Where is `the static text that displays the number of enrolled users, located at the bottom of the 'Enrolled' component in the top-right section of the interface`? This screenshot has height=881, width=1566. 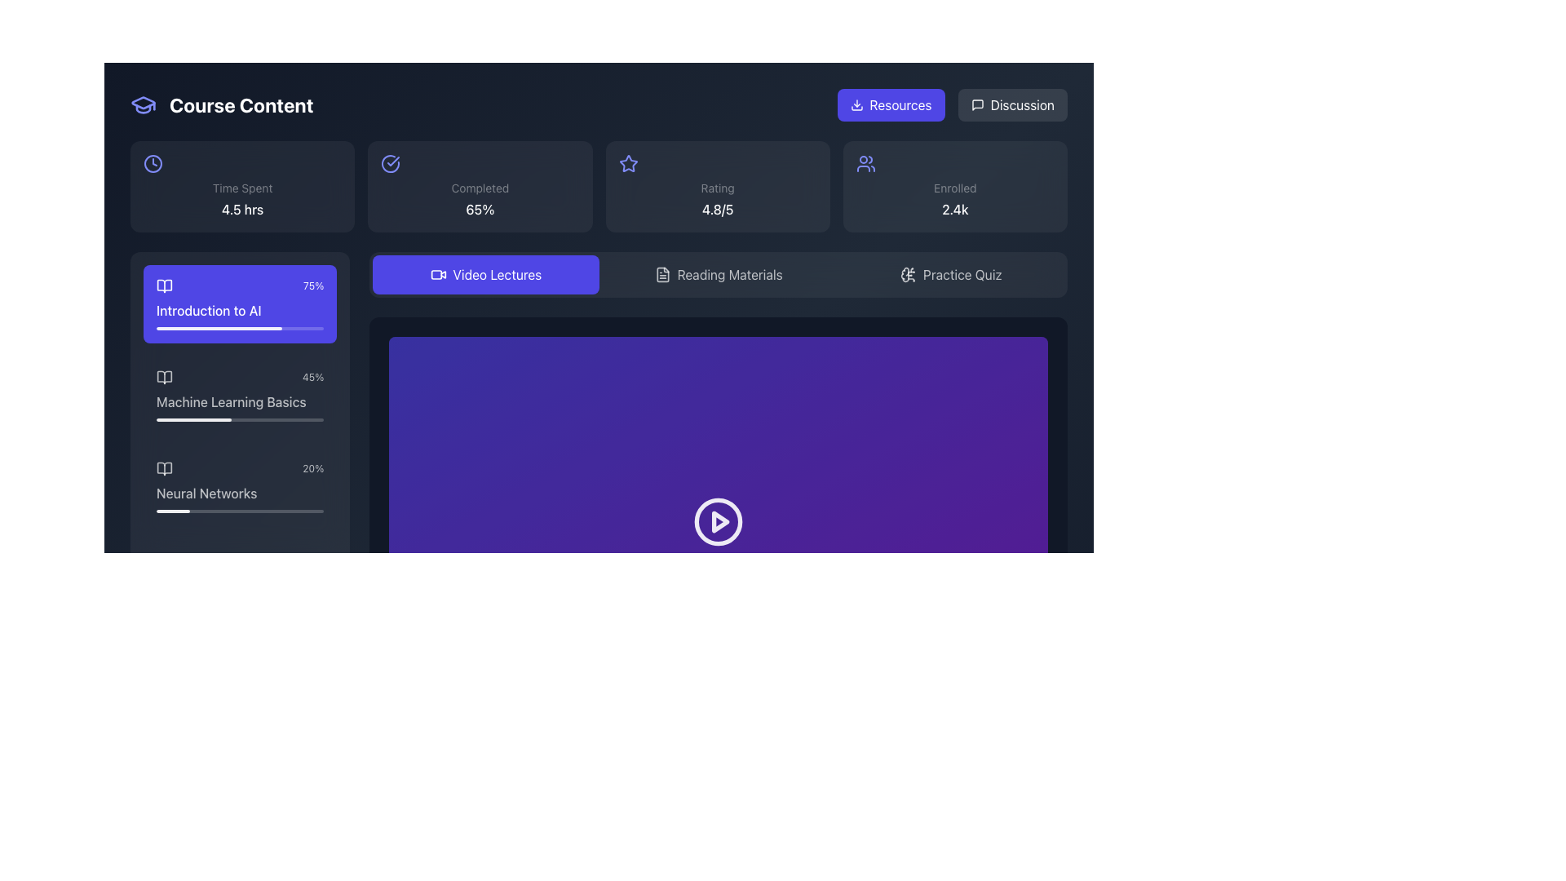
the static text that displays the number of enrolled users, located at the bottom of the 'Enrolled' component in the top-right section of the interface is located at coordinates (955, 209).